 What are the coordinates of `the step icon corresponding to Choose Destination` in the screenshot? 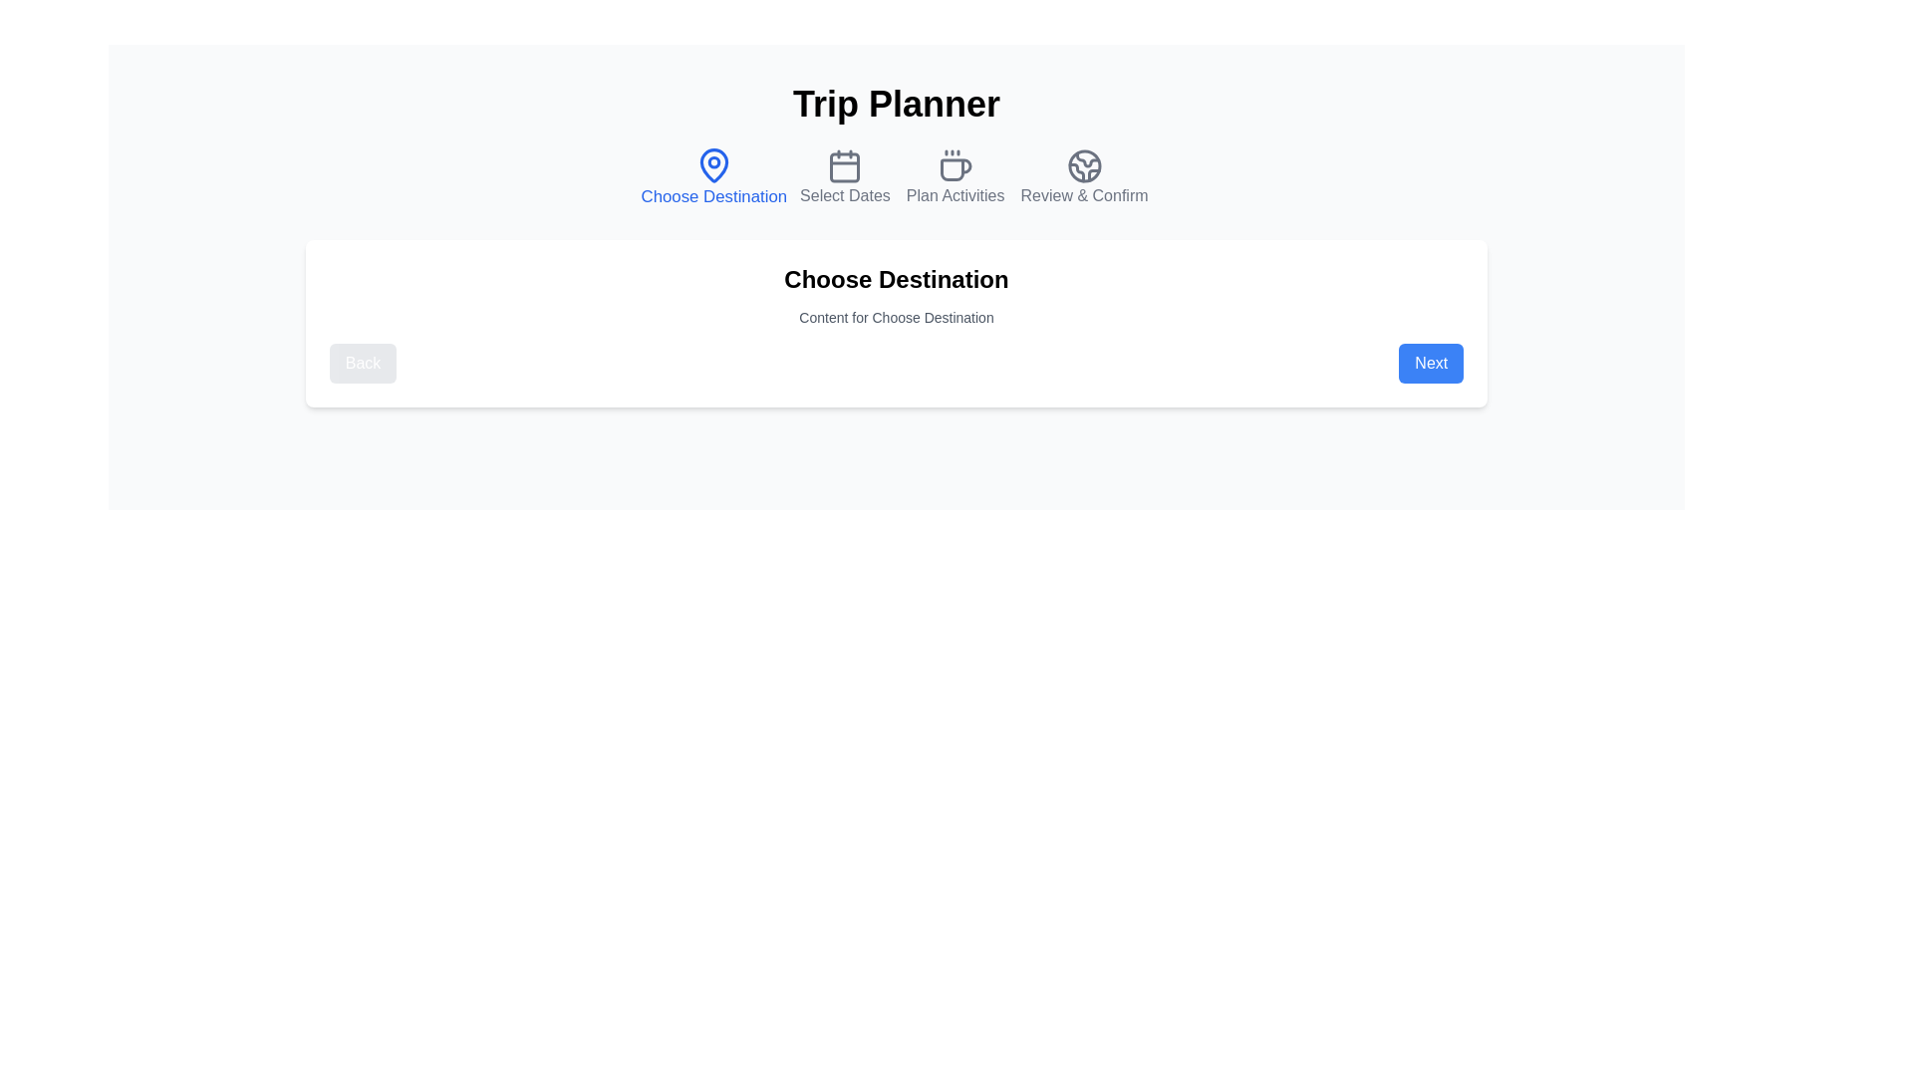 It's located at (713, 176).